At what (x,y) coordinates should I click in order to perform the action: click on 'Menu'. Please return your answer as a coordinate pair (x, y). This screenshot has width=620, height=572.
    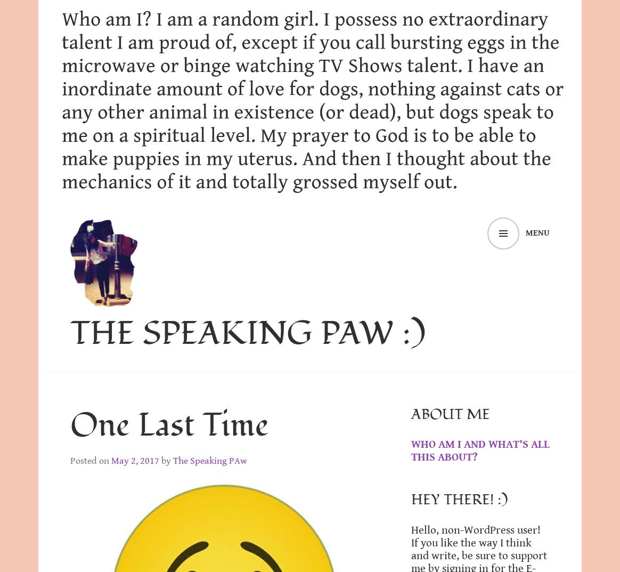
    Looking at the image, I should click on (537, 233).